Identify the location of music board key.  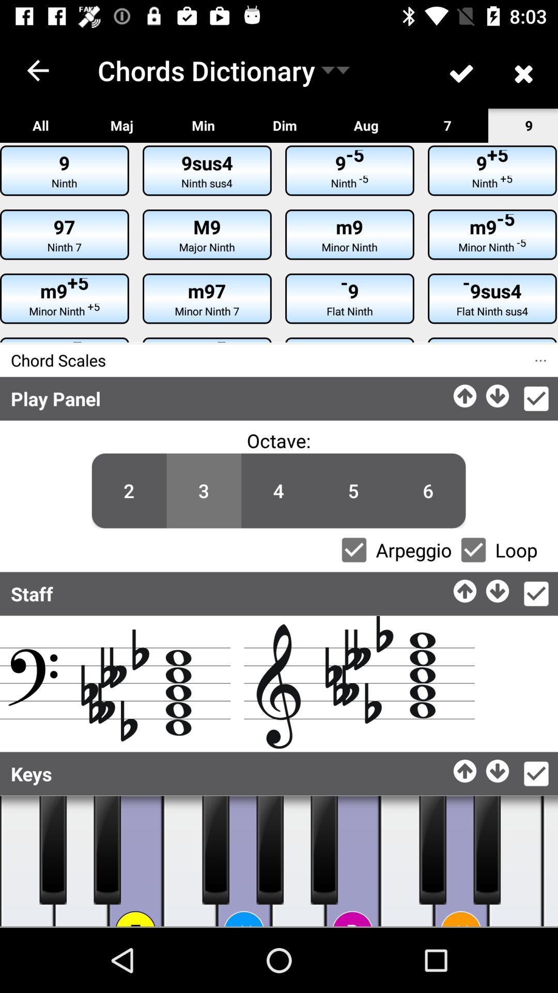
(515, 861).